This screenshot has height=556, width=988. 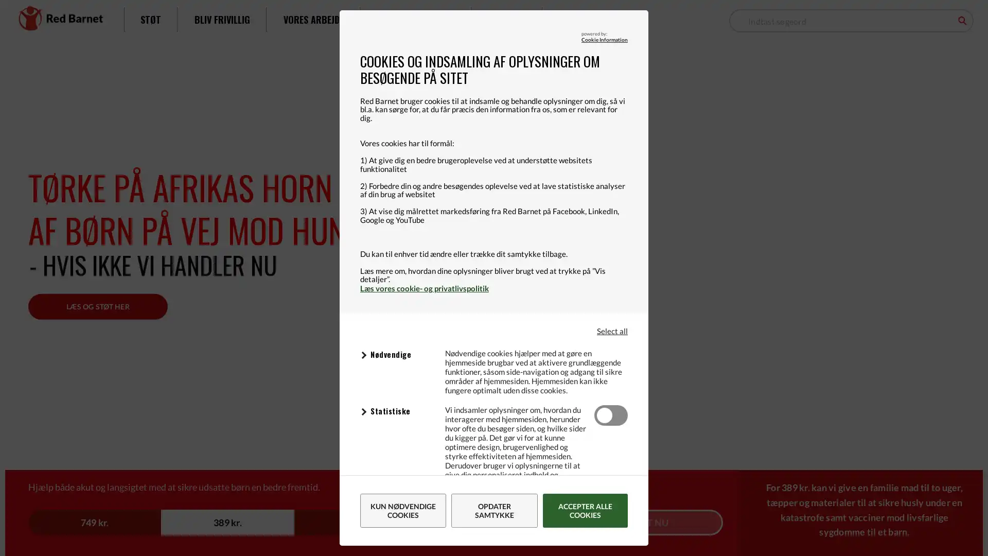 I want to click on Kun ndvendige cookies, so click(x=402, y=510).